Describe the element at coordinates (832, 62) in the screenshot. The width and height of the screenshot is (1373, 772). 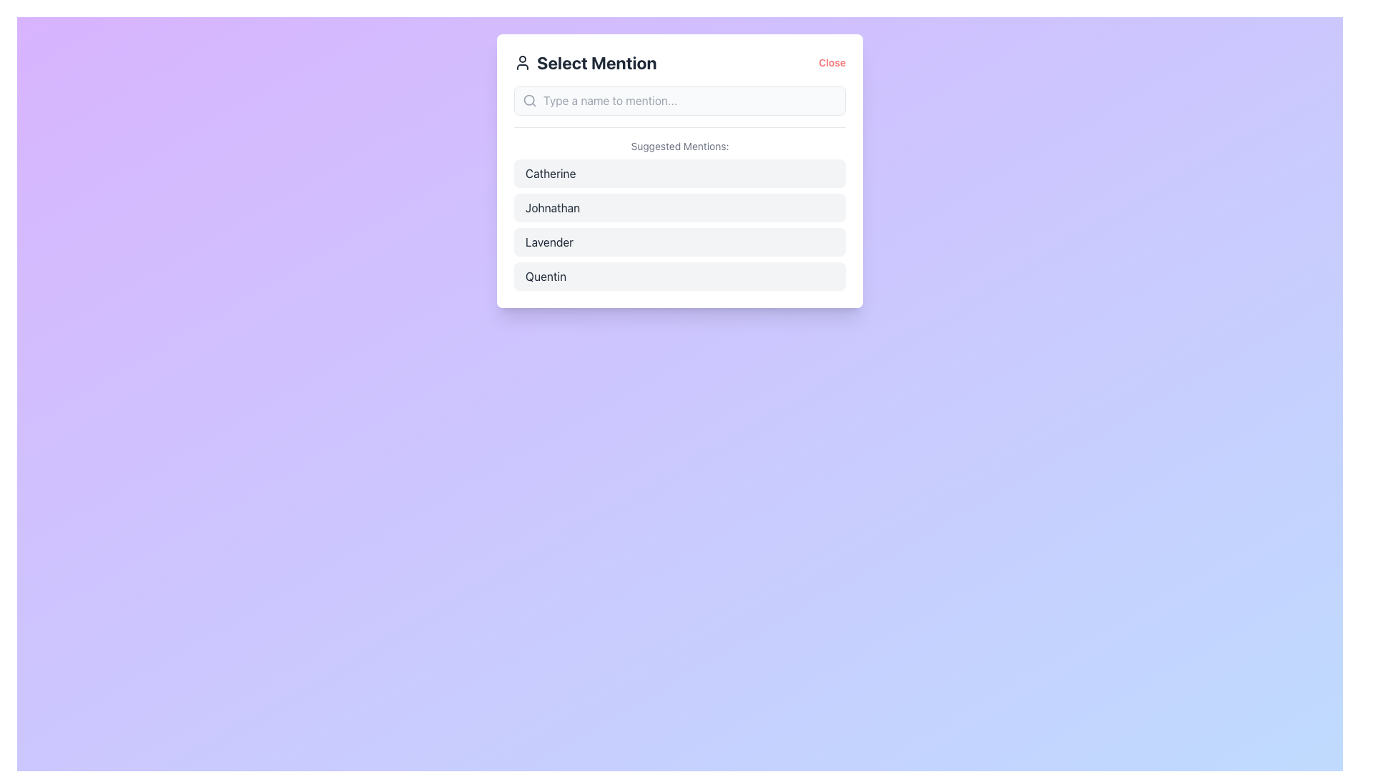
I see `the 'Close' button, which is a label styled as a button with bold red text, located at the top-right corner of the 'Select Mention' box` at that location.